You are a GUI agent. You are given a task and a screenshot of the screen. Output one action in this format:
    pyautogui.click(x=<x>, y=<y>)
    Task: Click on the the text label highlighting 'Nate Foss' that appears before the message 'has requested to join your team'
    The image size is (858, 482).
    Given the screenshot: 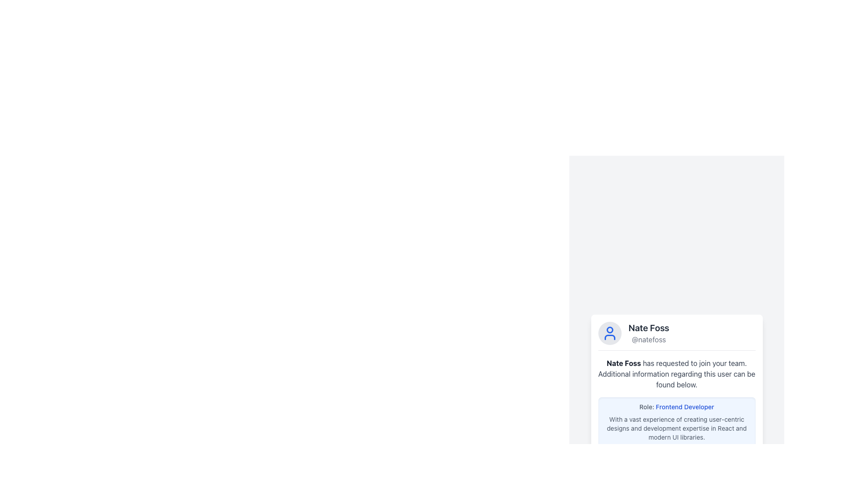 What is the action you would take?
    pyautogui.click(x=623, y=363)
    